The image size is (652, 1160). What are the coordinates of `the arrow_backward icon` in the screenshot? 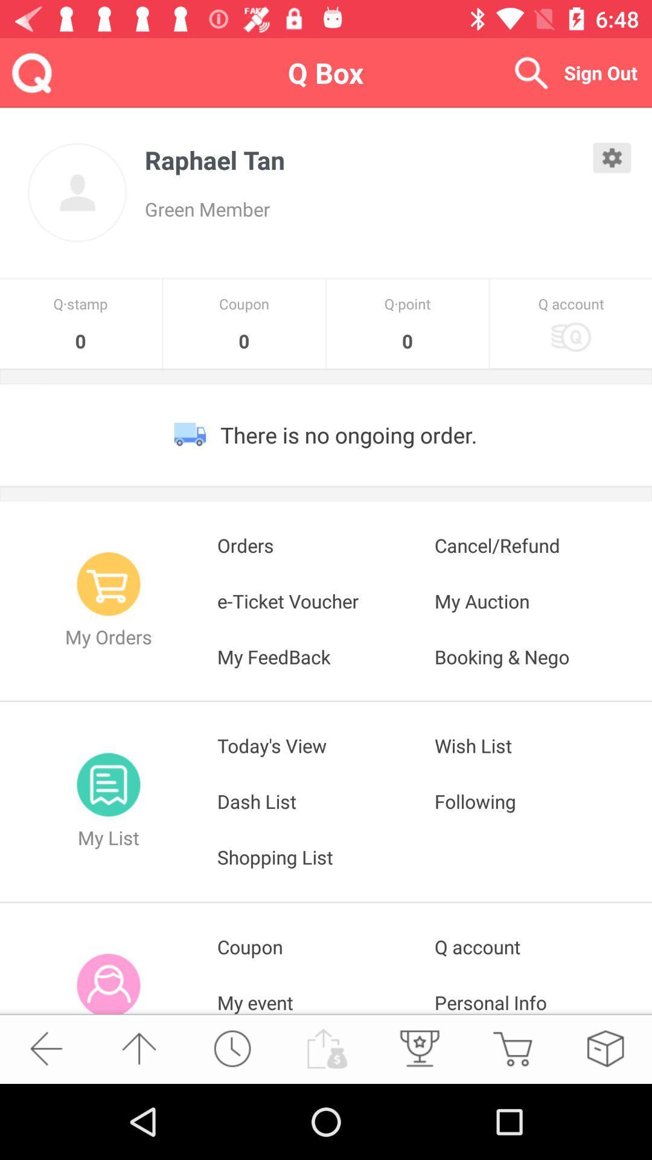 It's located at (45, 1048).